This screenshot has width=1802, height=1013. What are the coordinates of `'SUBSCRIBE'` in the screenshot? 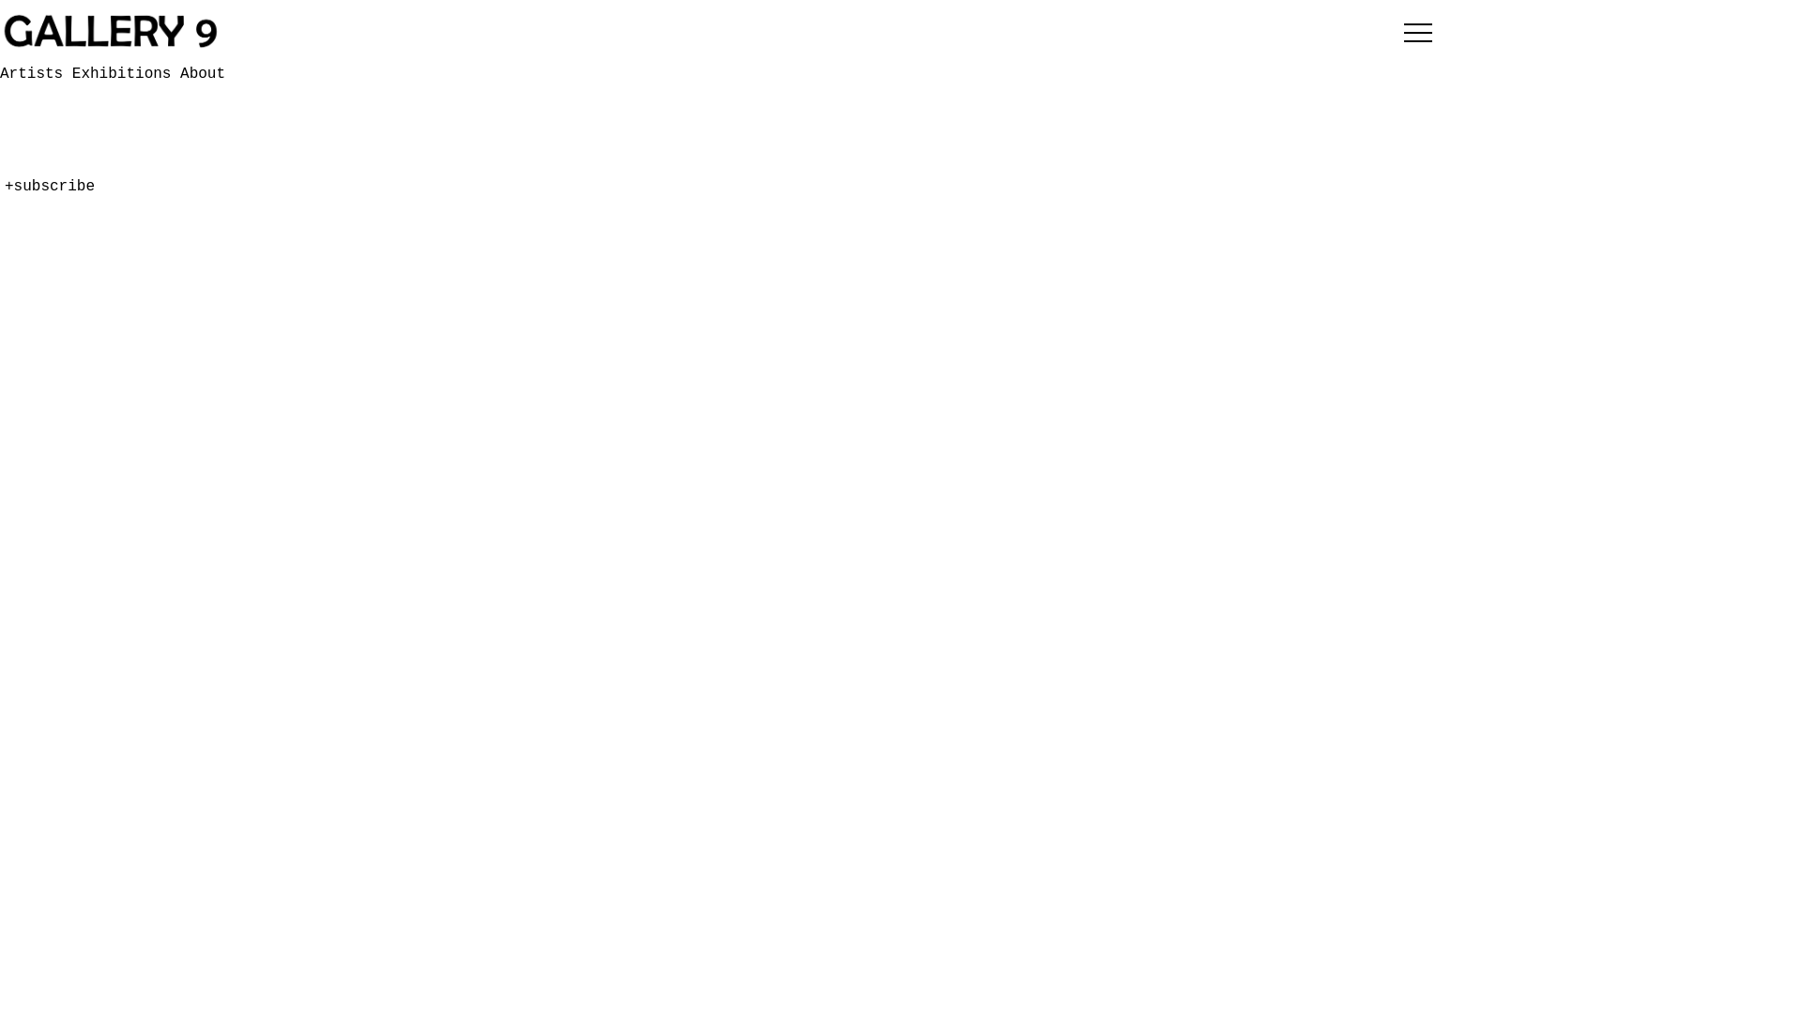 It's located at (67, 136).